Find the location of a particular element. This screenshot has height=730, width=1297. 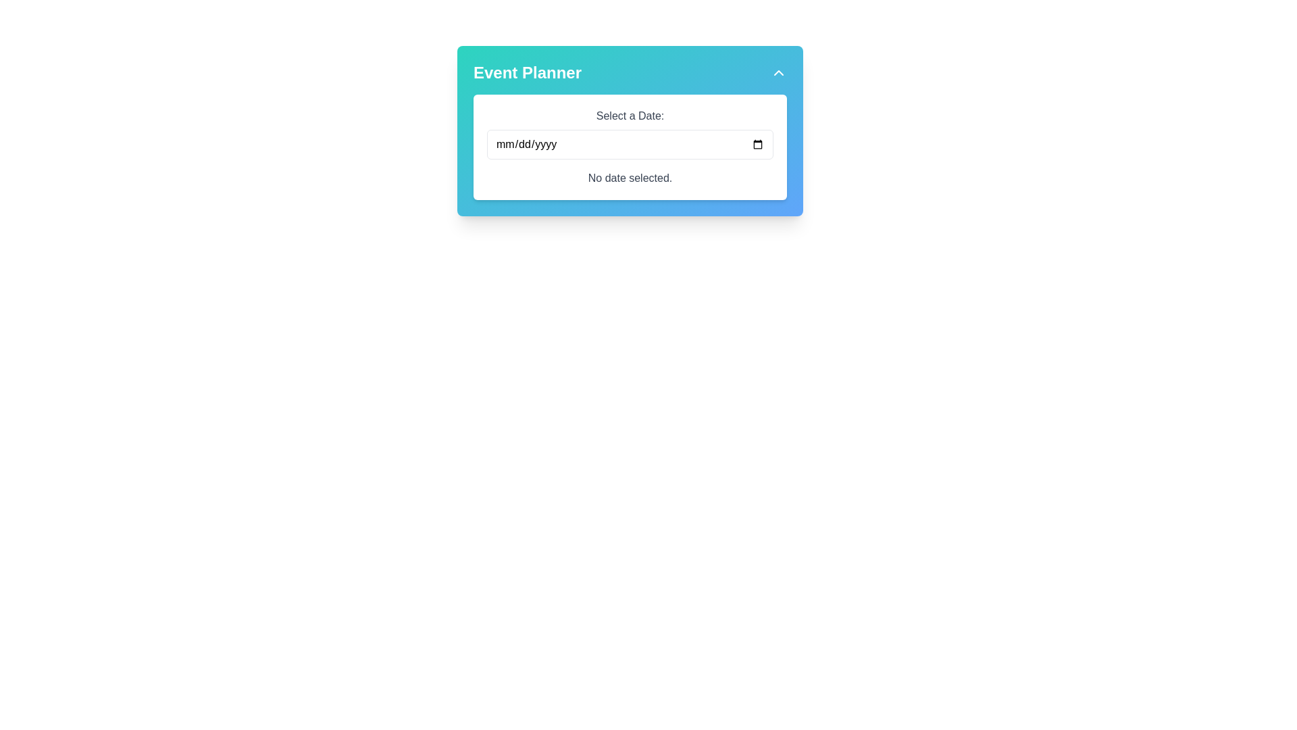

the date input field in the Card with form elements is located at coordinates (629, 130).